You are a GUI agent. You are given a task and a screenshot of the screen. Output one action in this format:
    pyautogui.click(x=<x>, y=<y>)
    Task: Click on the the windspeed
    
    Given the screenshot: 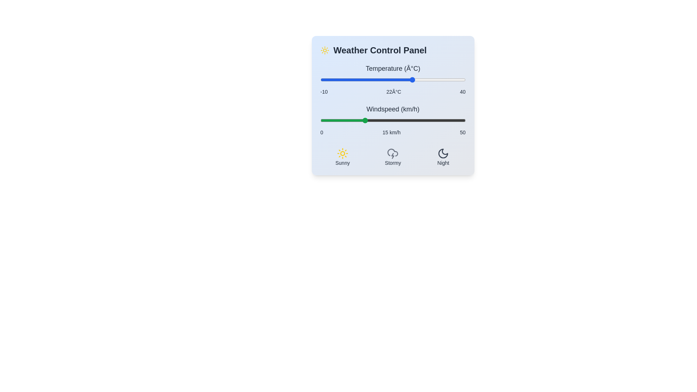 What is the action you would take?
    pyautogui.click(x=340, y=120)
    